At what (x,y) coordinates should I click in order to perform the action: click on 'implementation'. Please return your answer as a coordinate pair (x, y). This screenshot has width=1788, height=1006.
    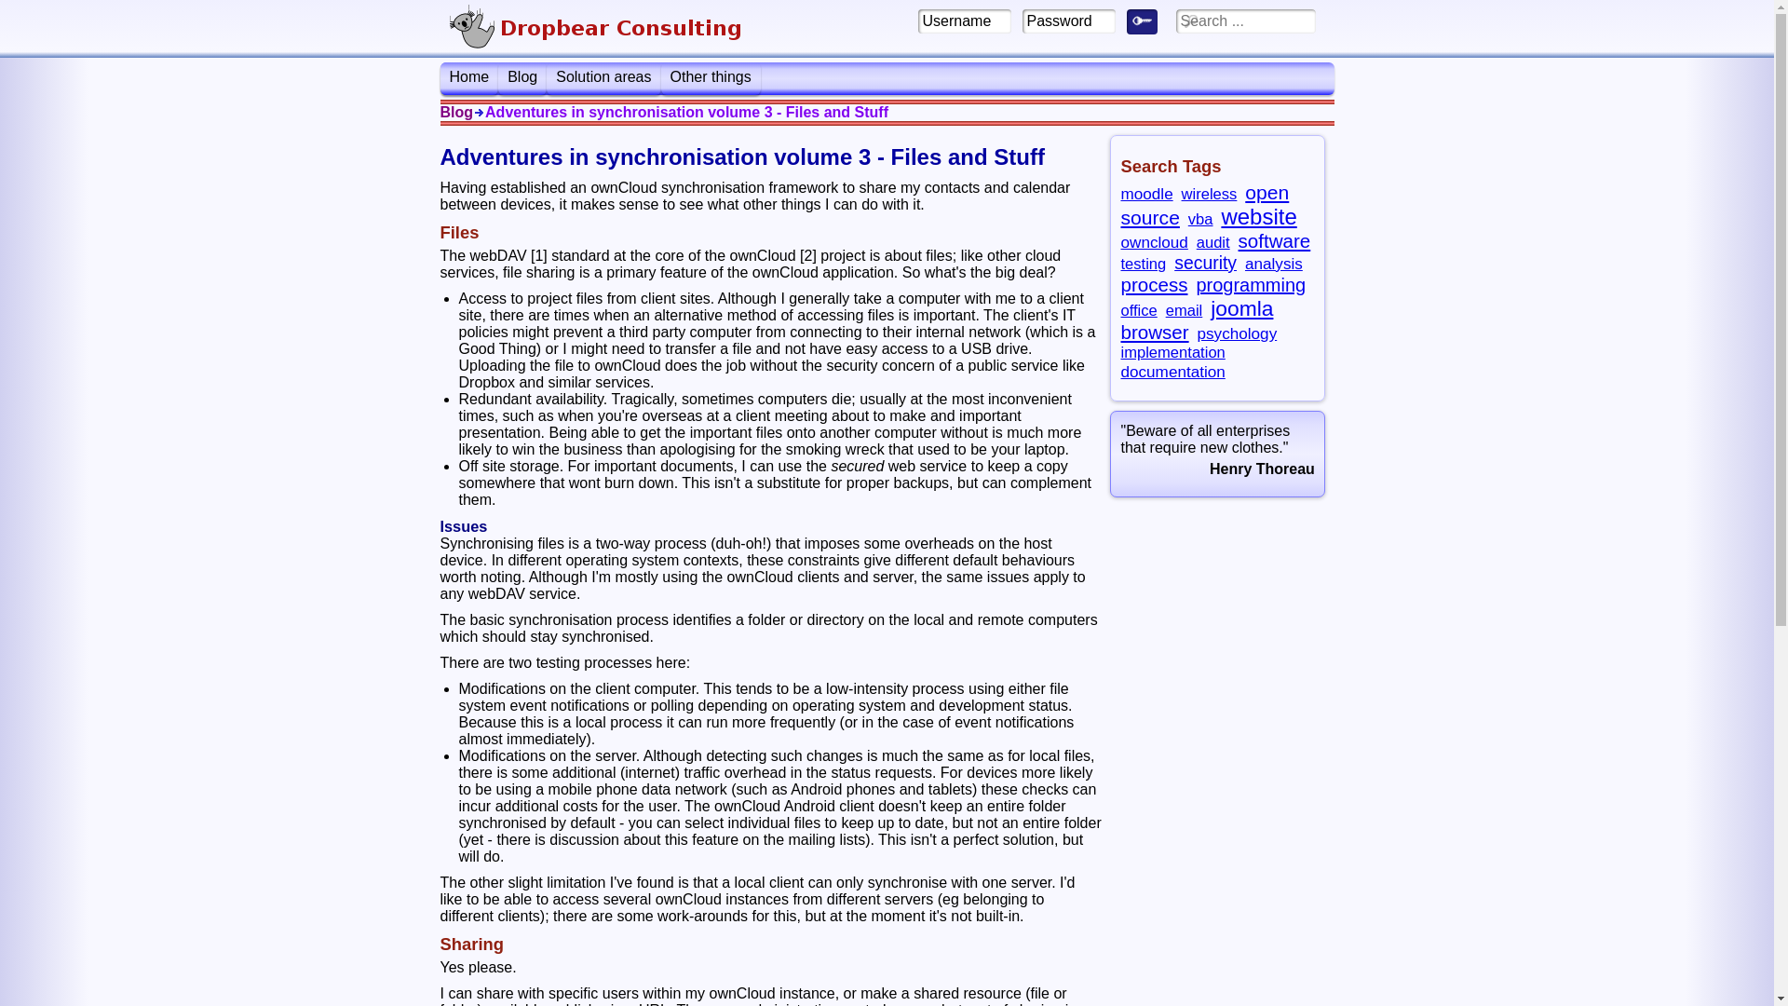
    Looking at the image, I should click on (1171, 352).